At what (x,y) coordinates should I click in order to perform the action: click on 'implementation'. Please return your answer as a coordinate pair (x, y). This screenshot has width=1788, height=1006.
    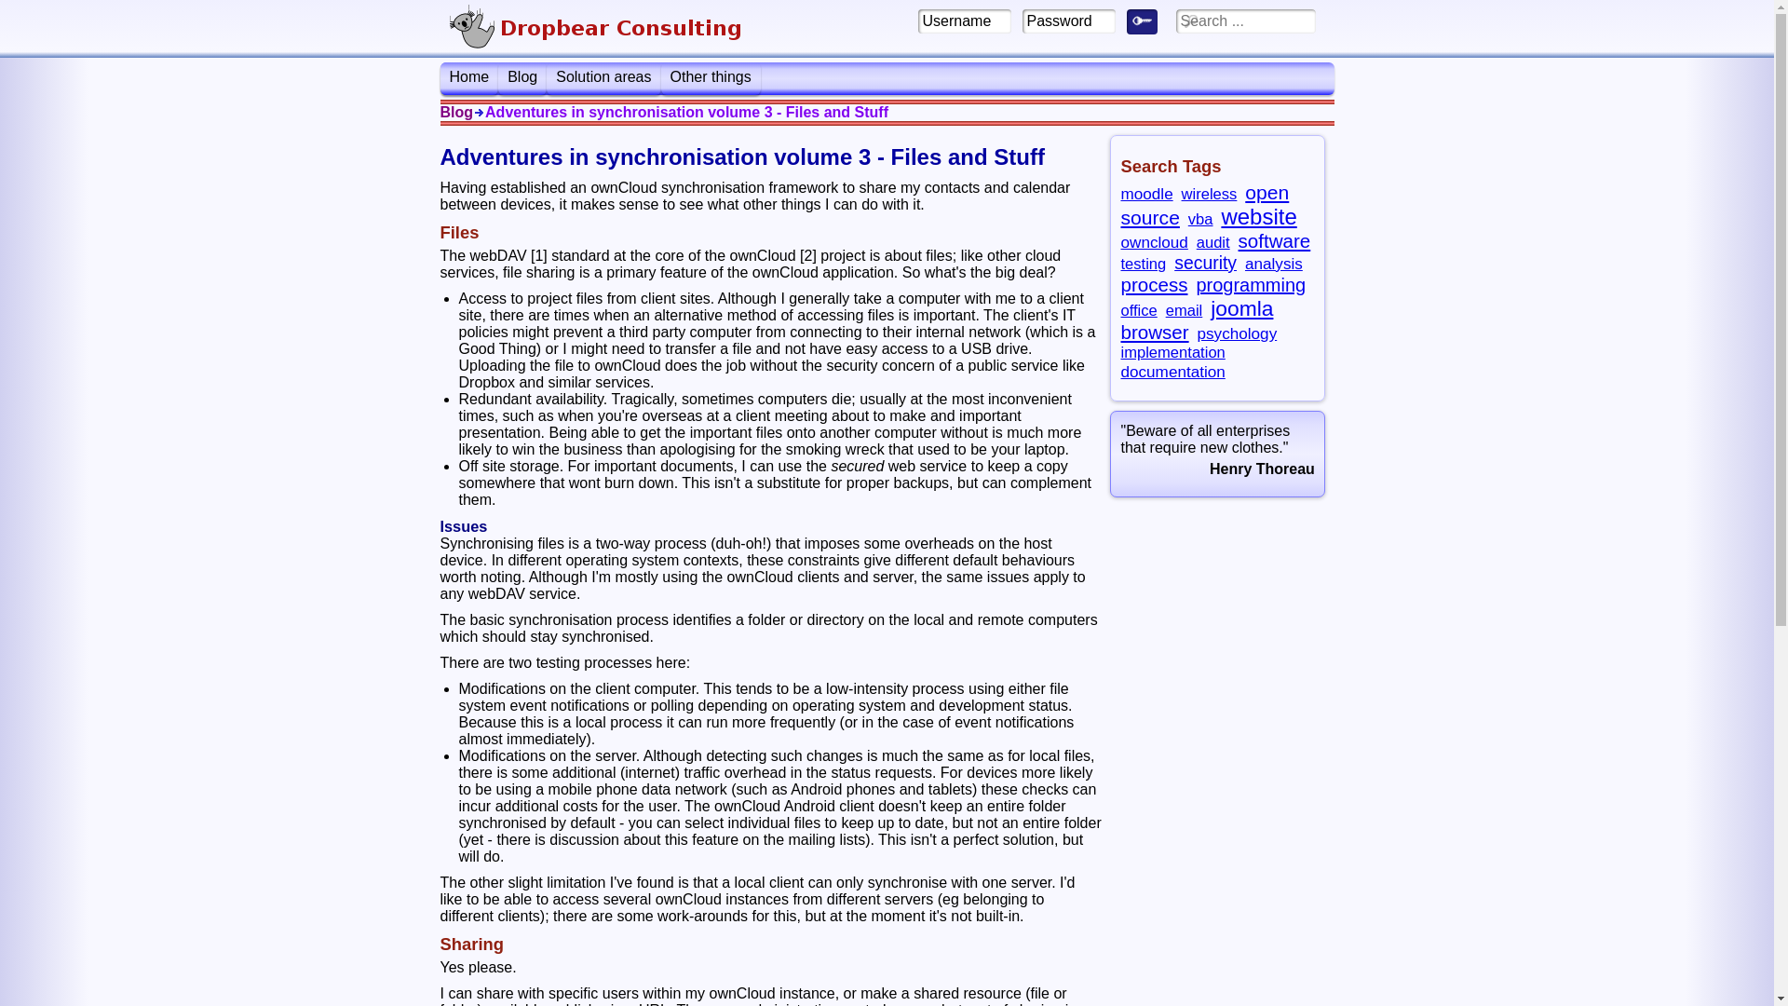
    Looking at the image, I should click on (1171, 352).